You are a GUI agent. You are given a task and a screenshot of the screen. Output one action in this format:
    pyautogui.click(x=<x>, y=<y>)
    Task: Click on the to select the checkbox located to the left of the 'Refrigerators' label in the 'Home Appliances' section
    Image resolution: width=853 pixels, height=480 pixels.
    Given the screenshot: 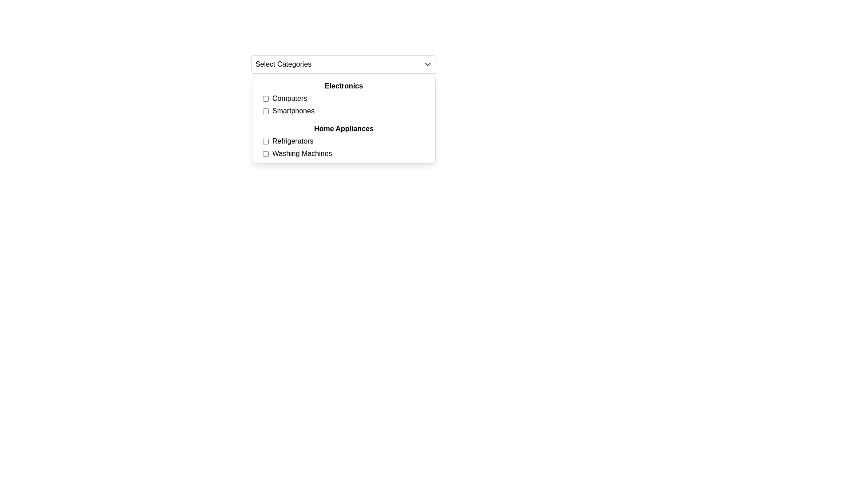 What is the action you would take?
    pyautogui.click(x=265, y=140)
    